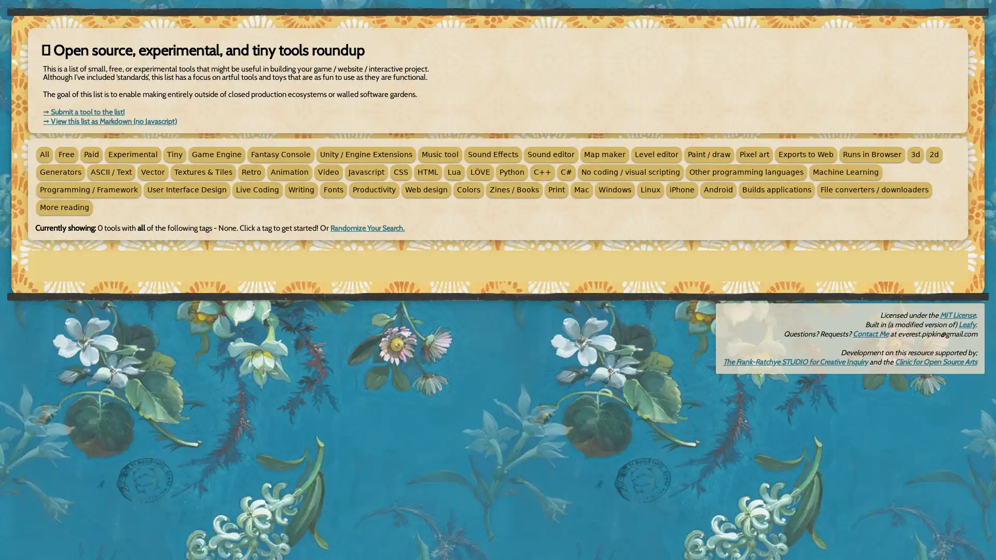  I want to click on Textures & Tiles, so click(203, 171).